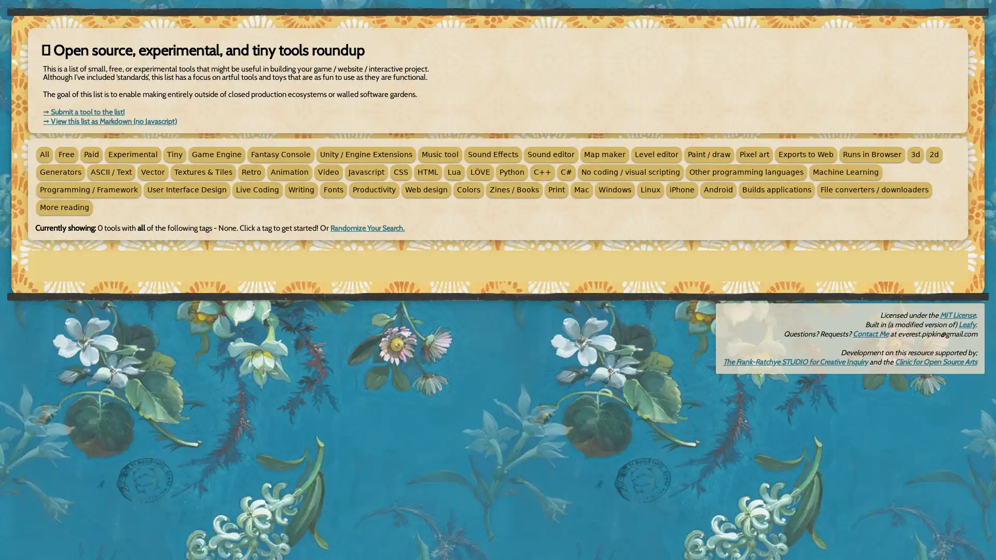  I want to click on Textures & Tiles, so click(203, 171).